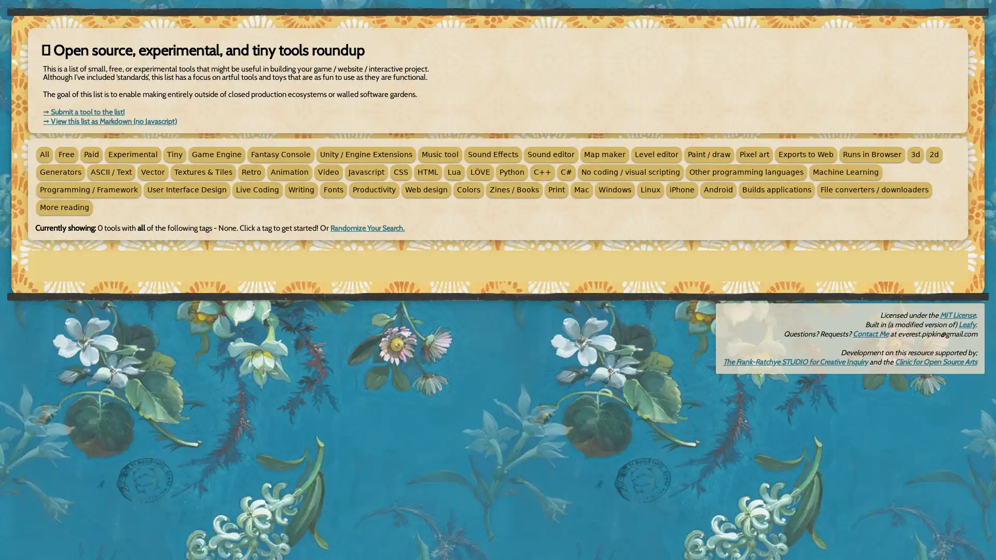  I want to click on Textures & Tiles, so click(203, 171).